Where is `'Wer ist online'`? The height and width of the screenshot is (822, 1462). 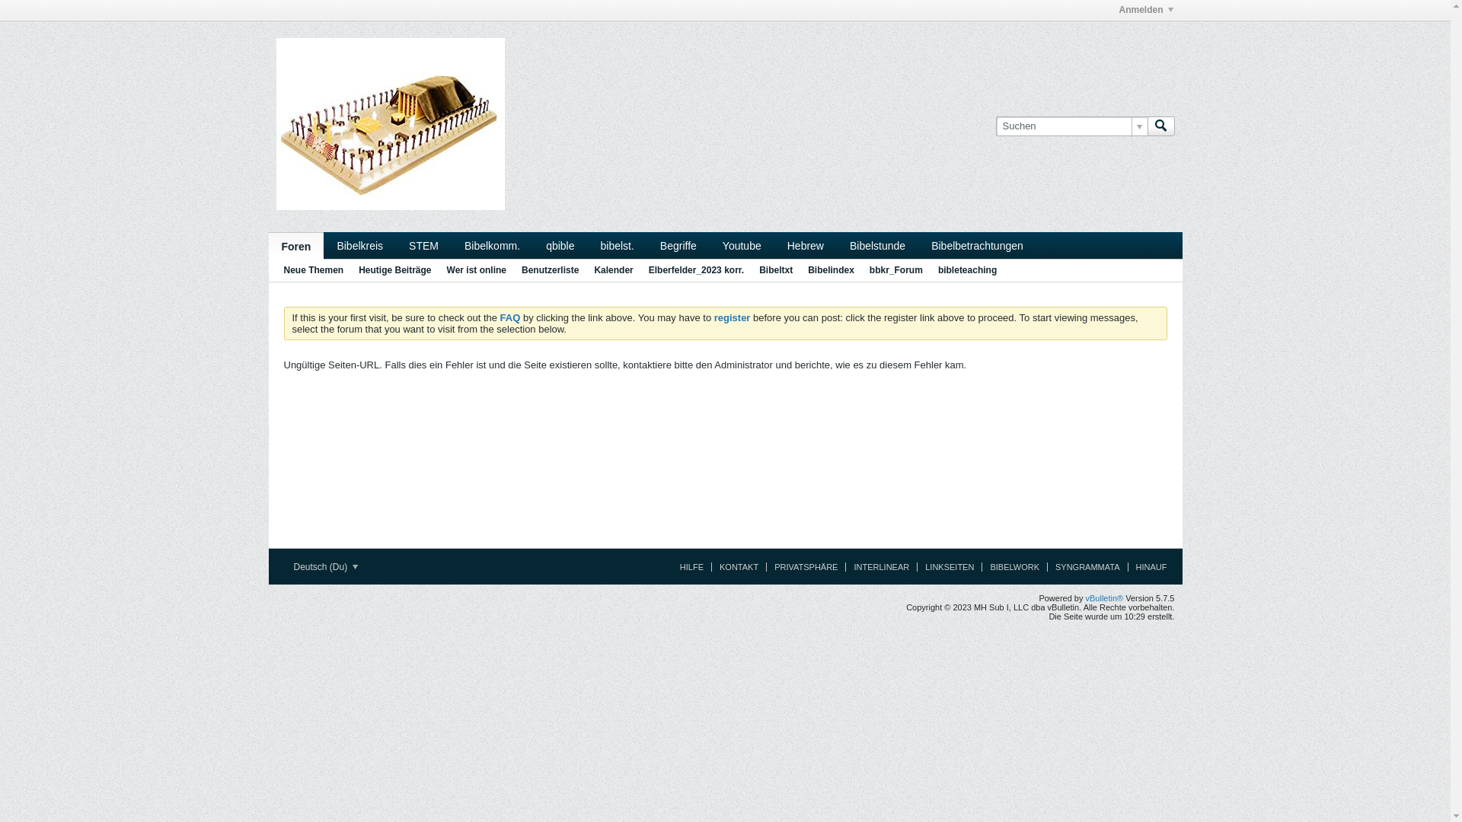
'Wer ist online' is located at coordinates (475, 269).